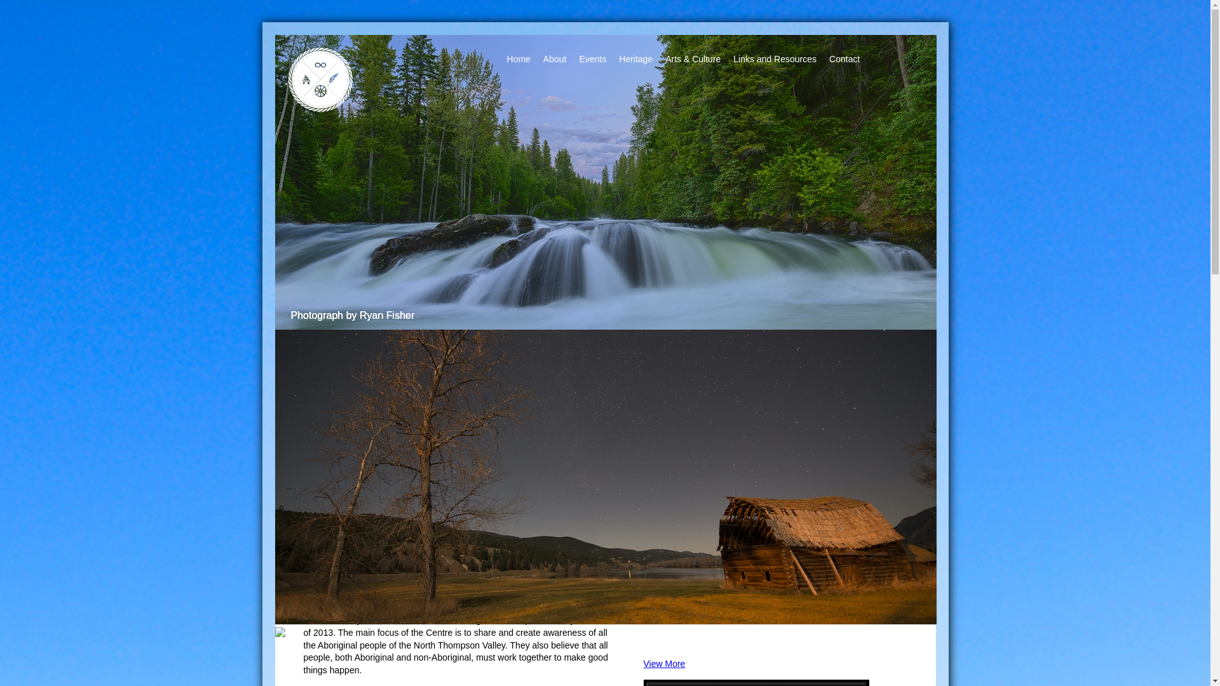 This screenshot has width=1220, height=686. I want to click on 'Links and Resources', so click(774, 59).